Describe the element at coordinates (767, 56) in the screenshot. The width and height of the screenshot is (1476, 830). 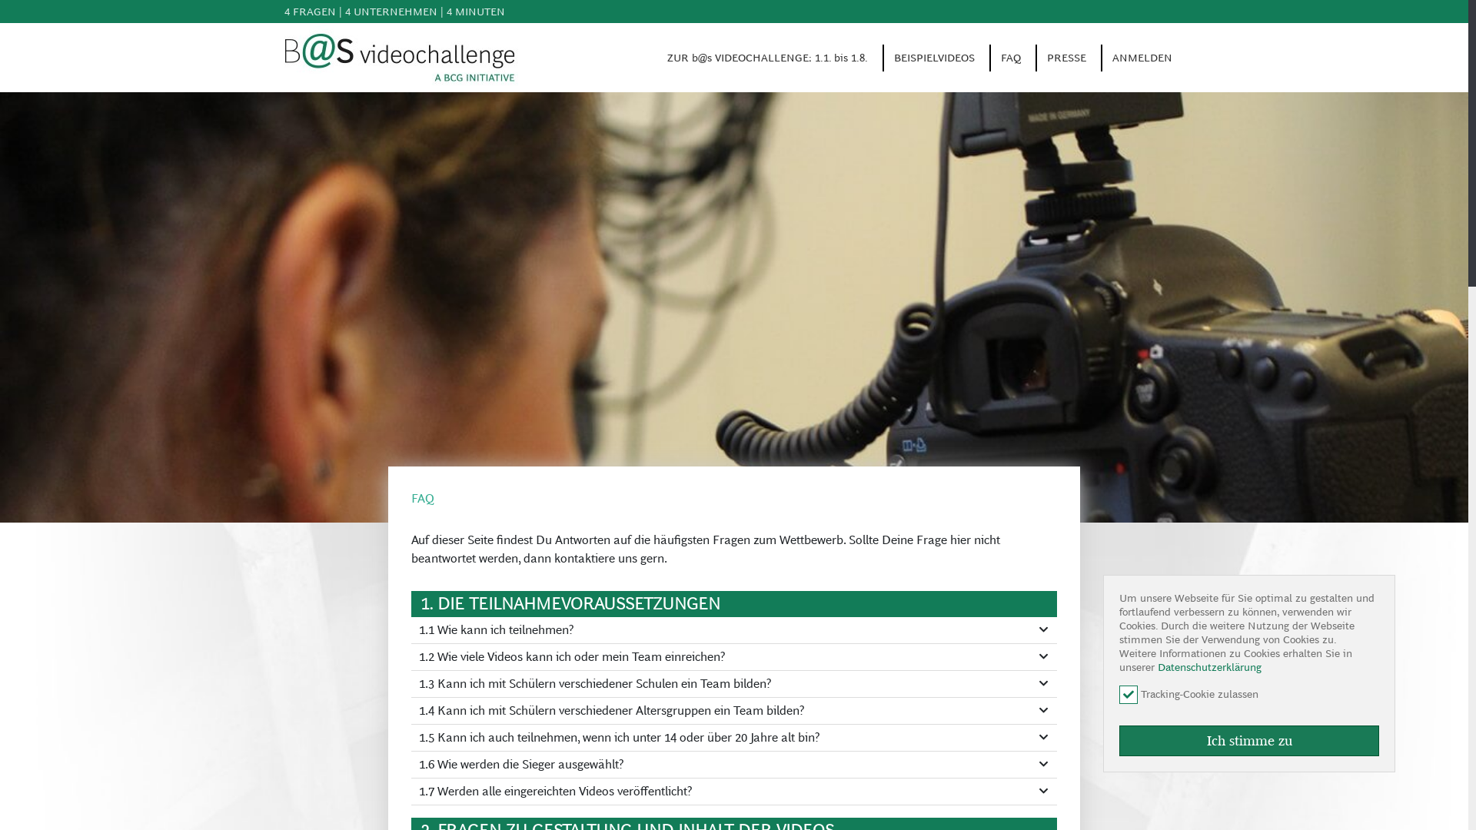
I see `'ZUR b@s VIDEOCHALLENGE: 1.1. bis 1.8.'` at that location.